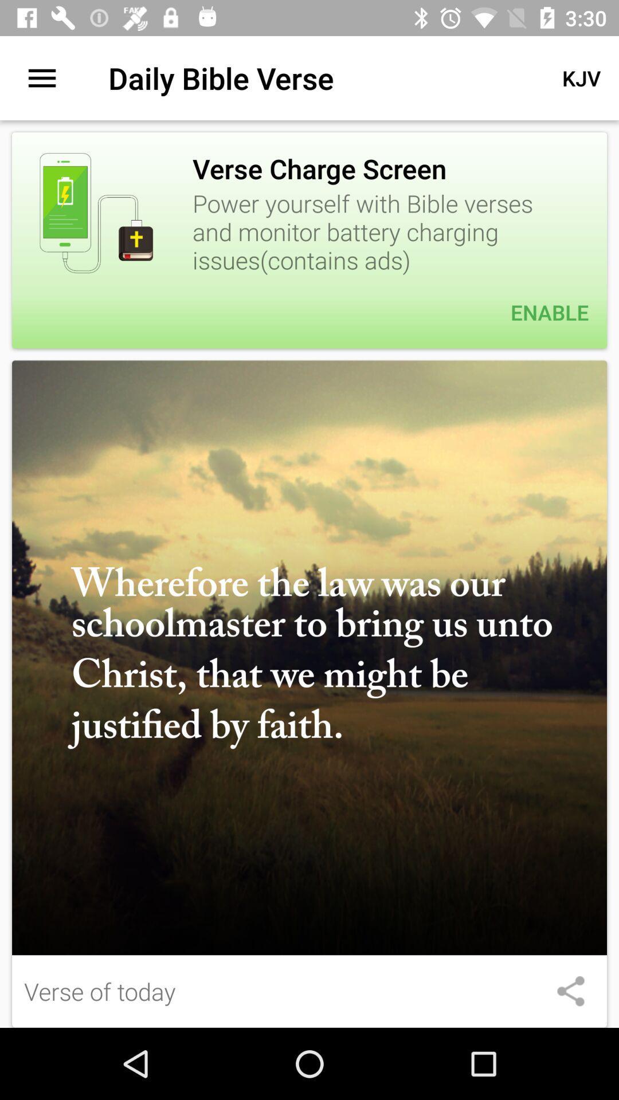 This screenshot has width=619, height=1100. I want to click on icon at the bottom right corner, so click(570, 991).